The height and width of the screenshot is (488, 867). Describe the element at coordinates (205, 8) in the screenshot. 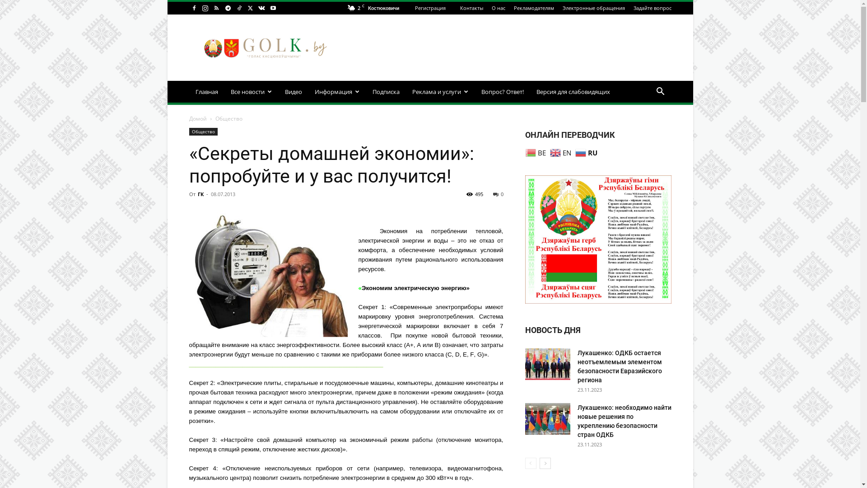

I see `'Instagram'` at that location.